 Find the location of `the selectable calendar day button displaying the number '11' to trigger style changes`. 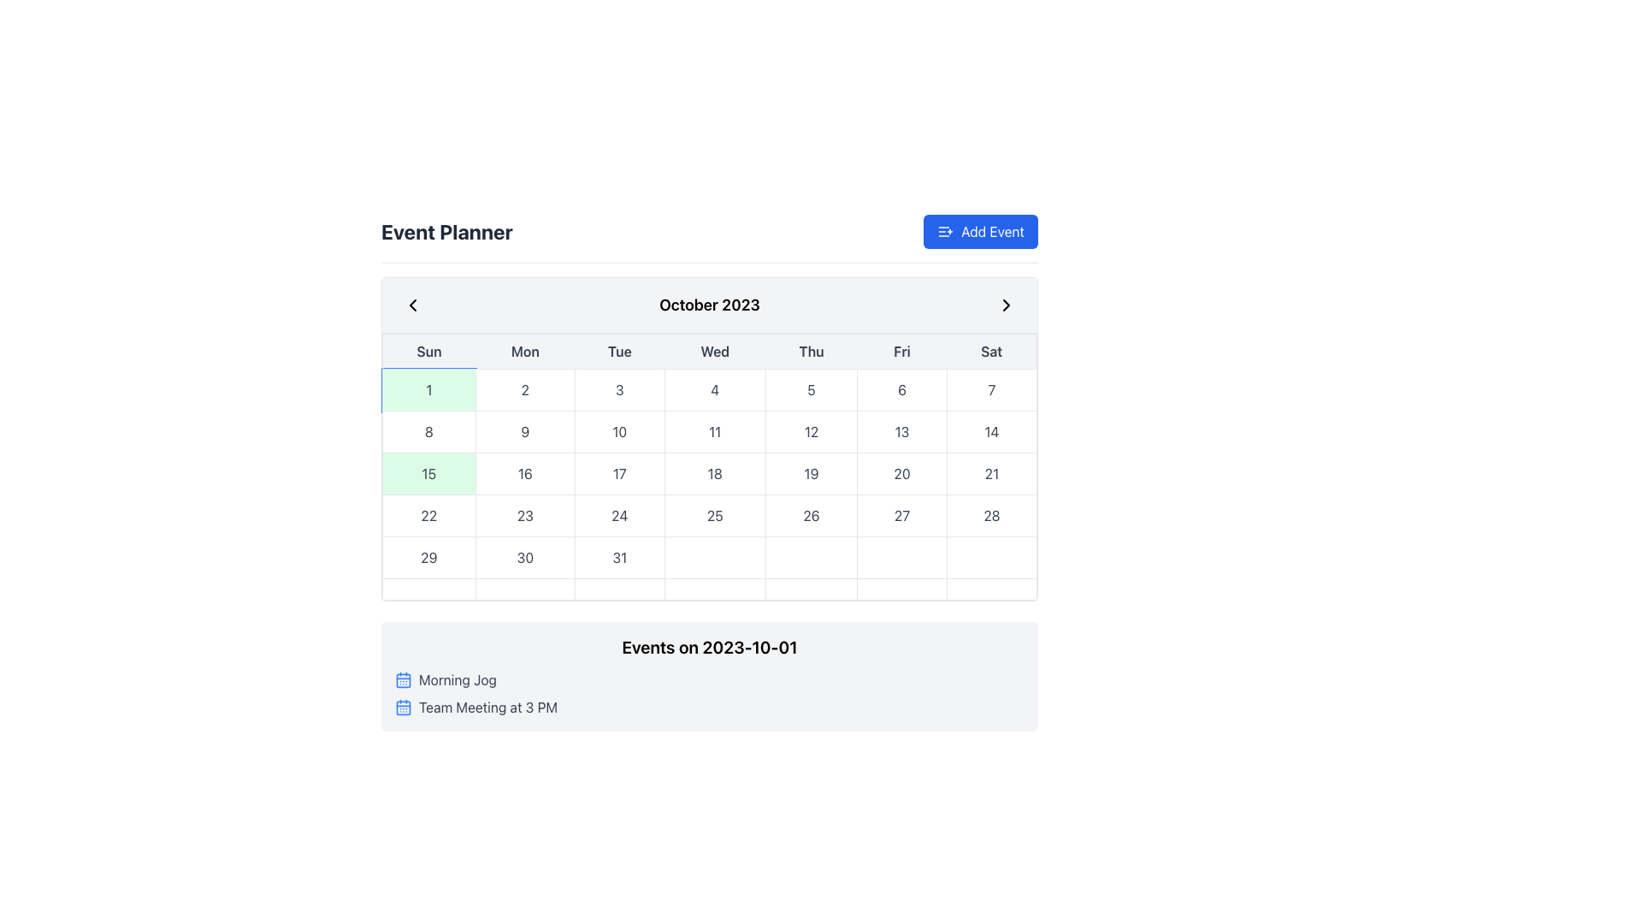

the selectable calendar day button displaying the number '11' to trigger style changes is located at coordinates (715, 431).